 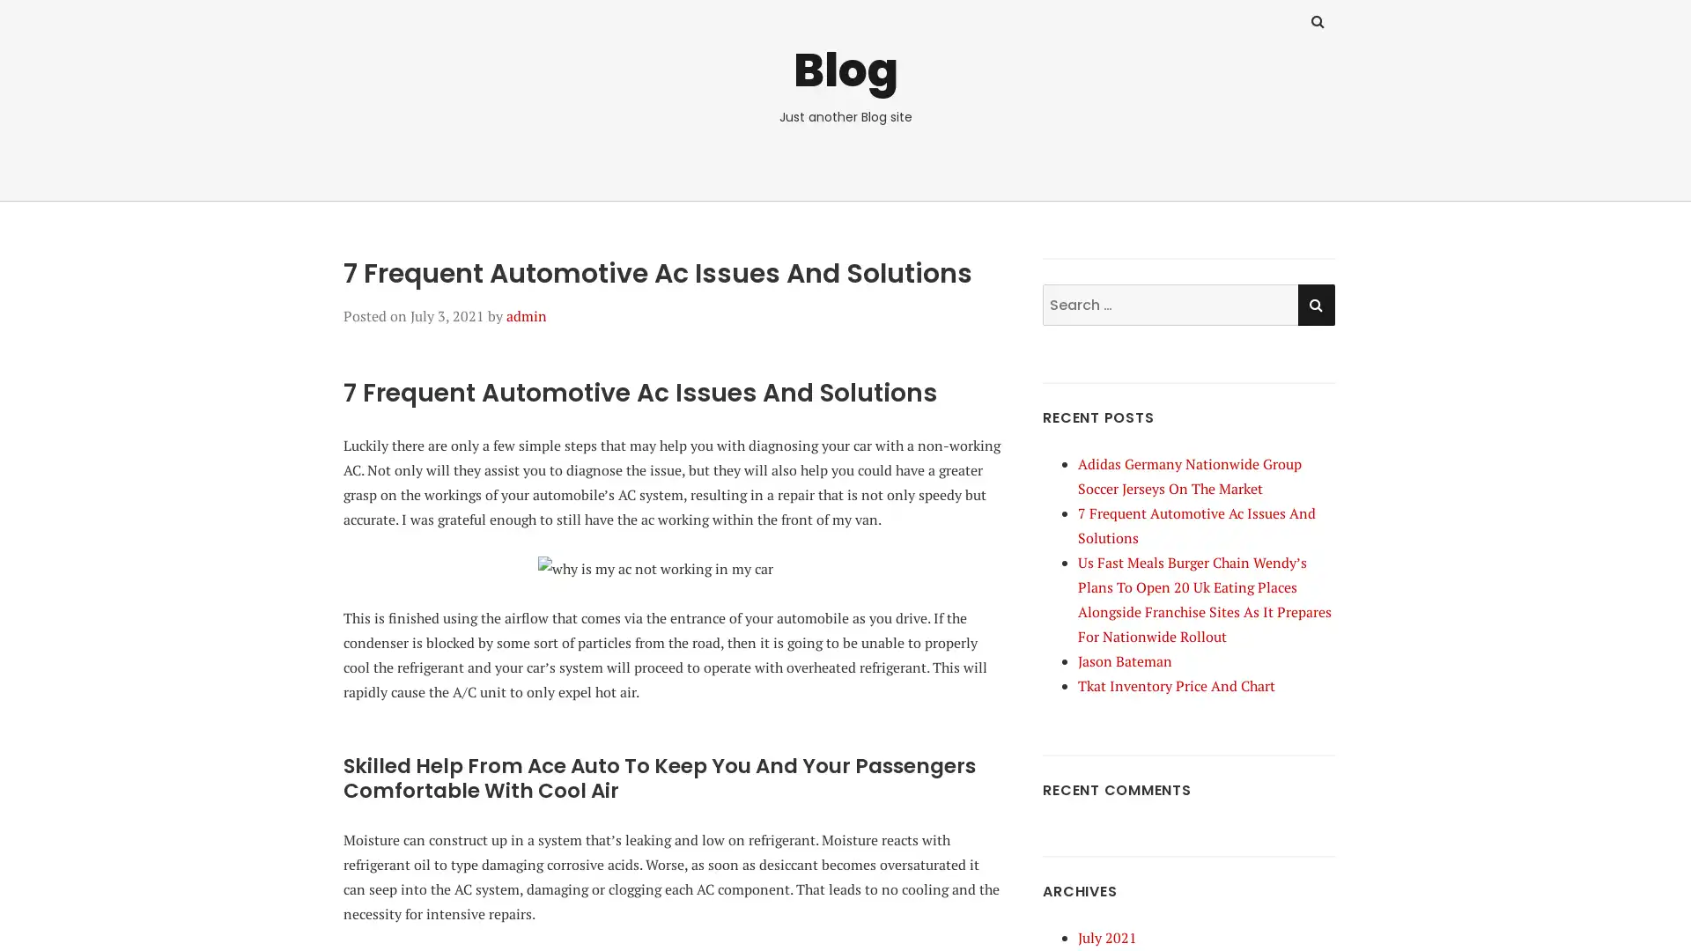 What do you see at coordinates (1315, 303) in the screenshot?
I see `SEARCH` at bounding box center [1315, 303].